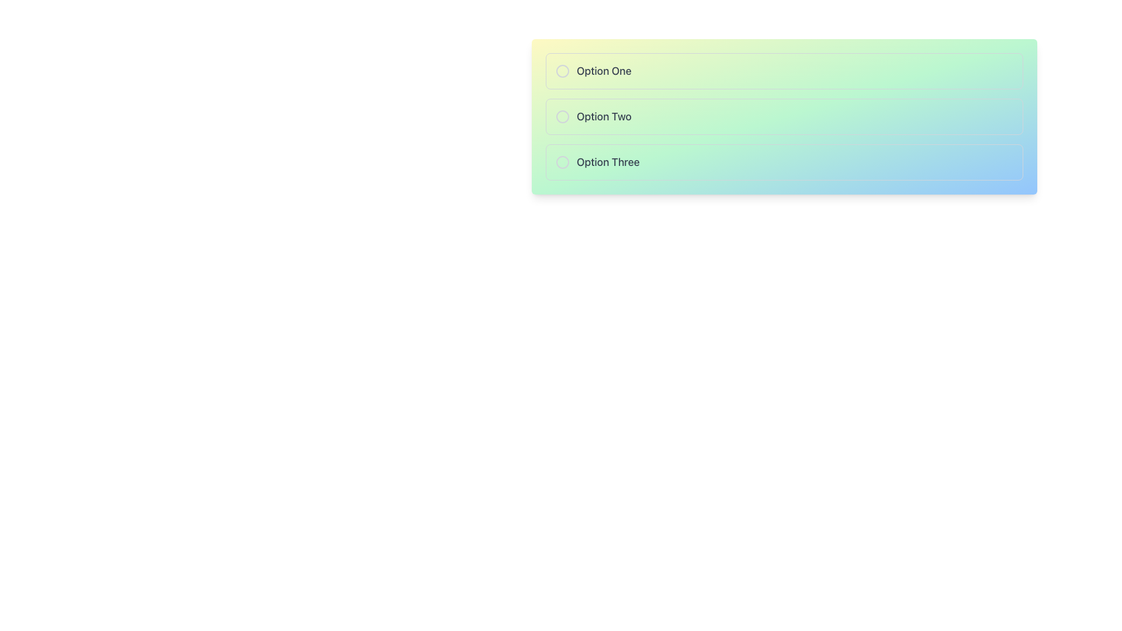 The height and width of the screenshot is (631, 1122). Describe the element at coordinates (608, 162) in the screenshot. I see `the text label that provides the title or description of the corresponding selectable option located to the right of a circular icon representing an unselected state` at that location.